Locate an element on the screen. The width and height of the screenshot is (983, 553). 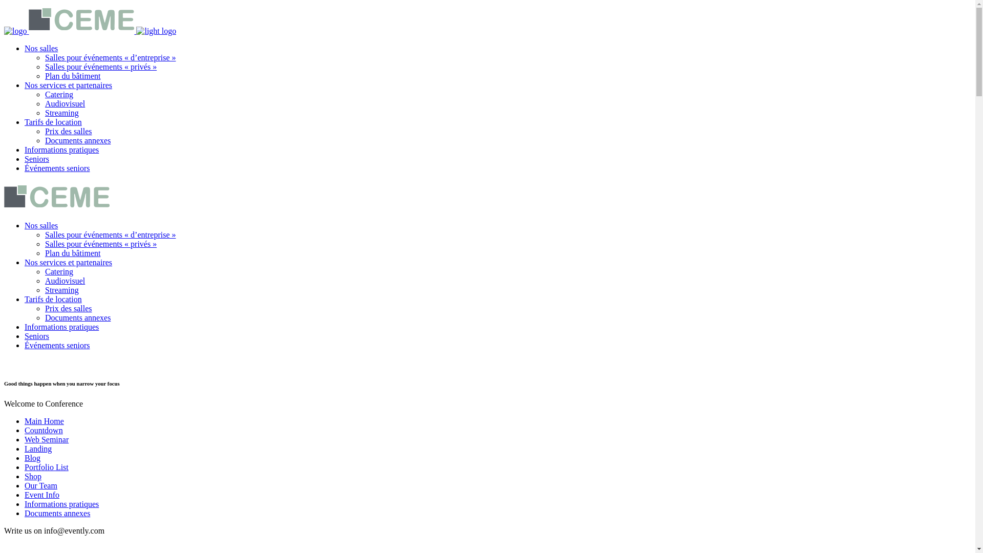
'Shop' is located at coordinates (33, 476).